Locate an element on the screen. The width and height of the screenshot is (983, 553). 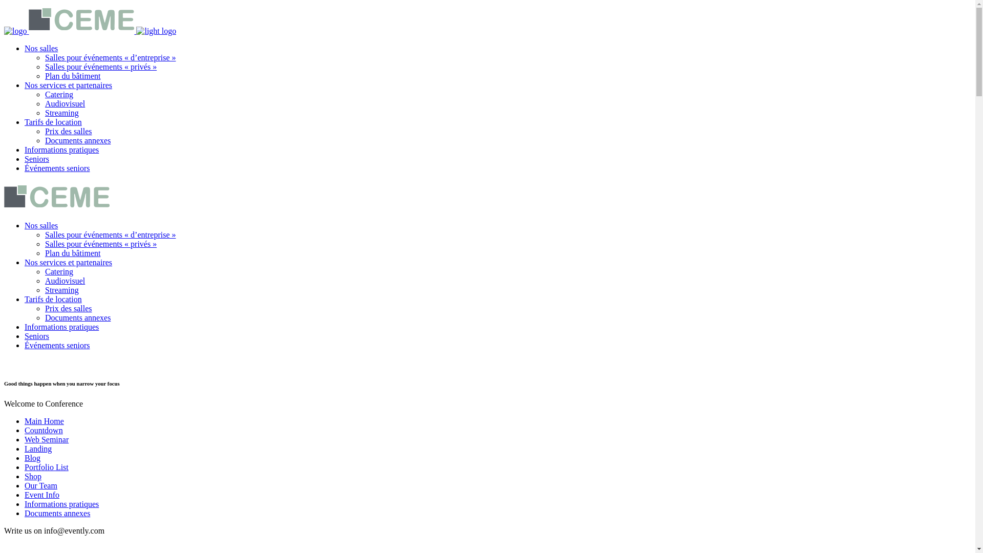
'Shop' is located at coordinates (33, 476).